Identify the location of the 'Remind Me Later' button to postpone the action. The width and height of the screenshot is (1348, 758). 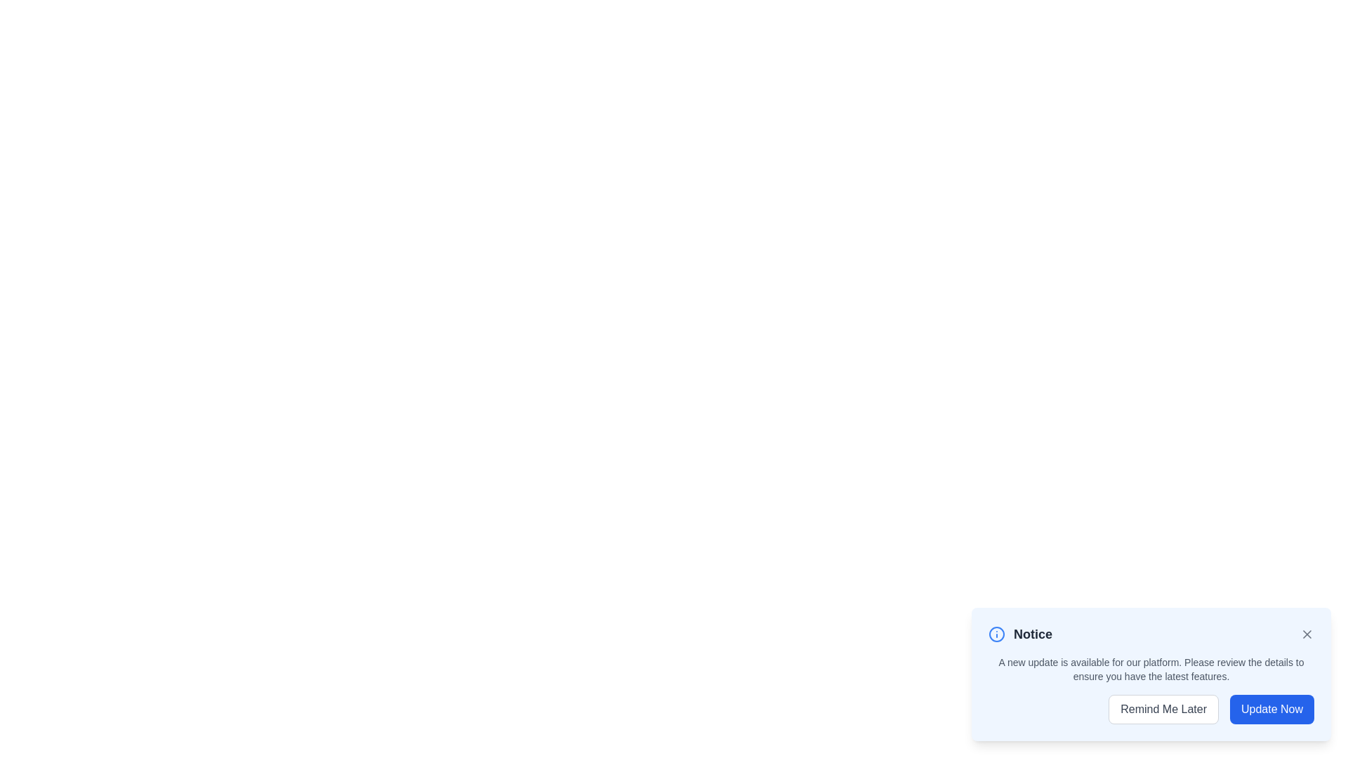
(1163, 709).